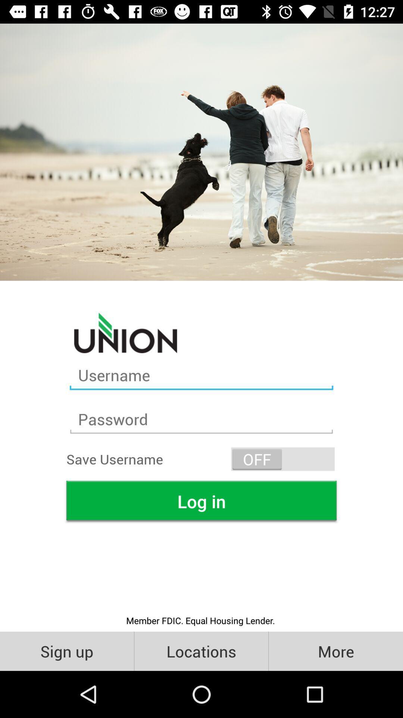 The height and width of the screenshot is (718, 403). Describe the element at coordinates (201, 651) in the screenshot. I see `the item next to the sign up` at that location.